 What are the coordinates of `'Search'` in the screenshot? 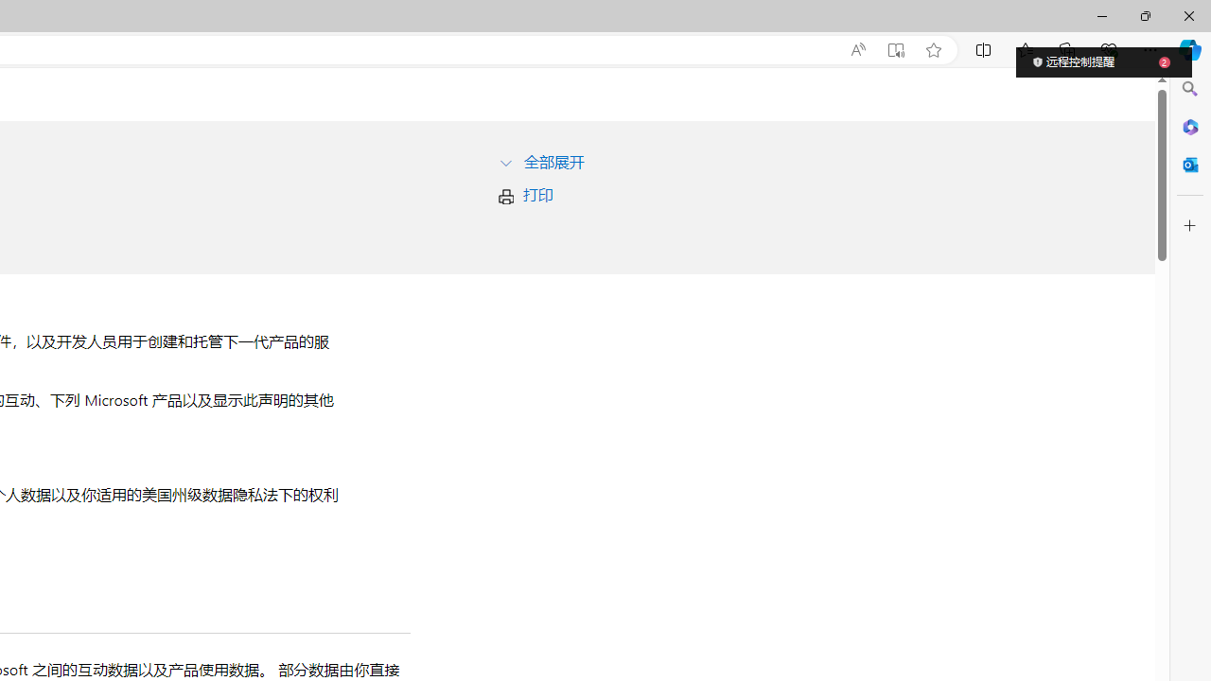 It's located at (1189, 89).